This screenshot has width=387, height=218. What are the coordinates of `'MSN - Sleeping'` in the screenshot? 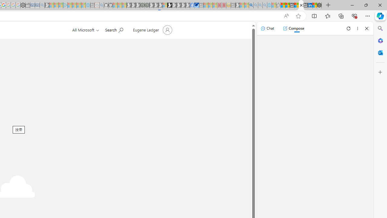 It's located at (237, 5).